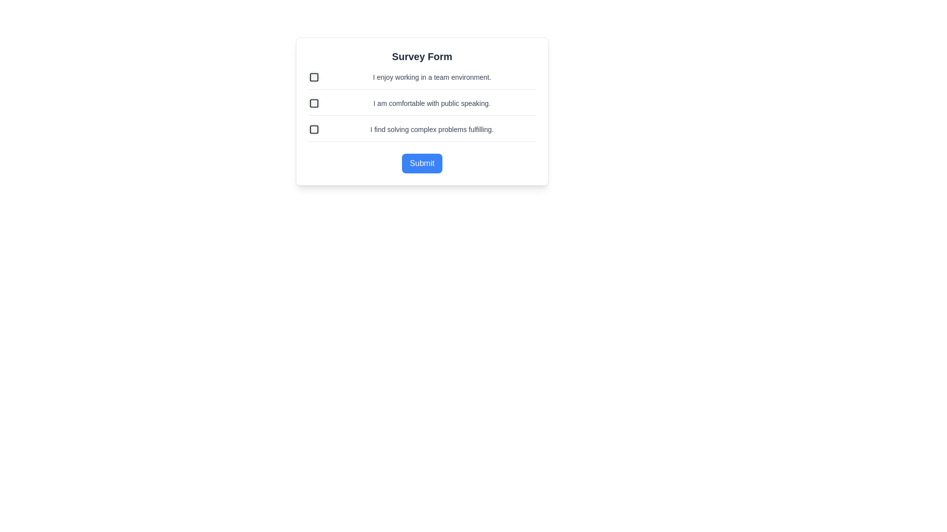 The width and height of the screenshot is (947, 532). I want to click on the checkbox for 'I am comfortable with public speaking', so click(314, 103).